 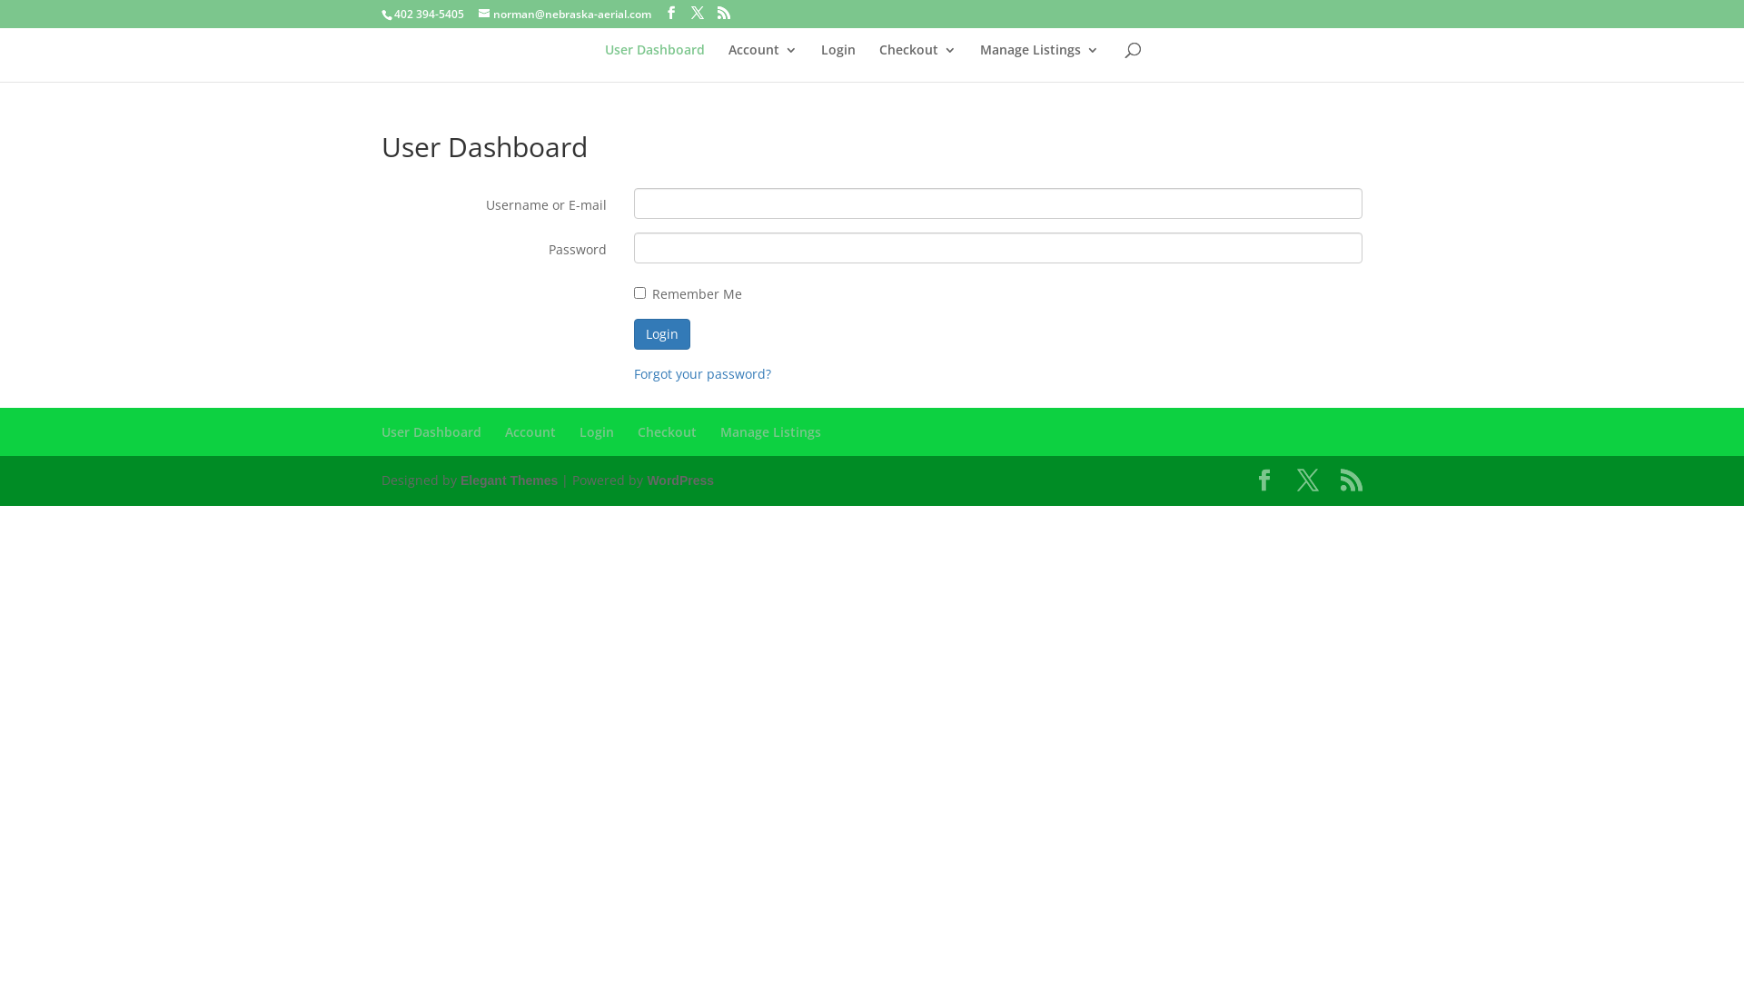 What do you see at coordinates (666, 431) in the screenshot?
I see `'Checkout'` at bounding box center [666, 431].